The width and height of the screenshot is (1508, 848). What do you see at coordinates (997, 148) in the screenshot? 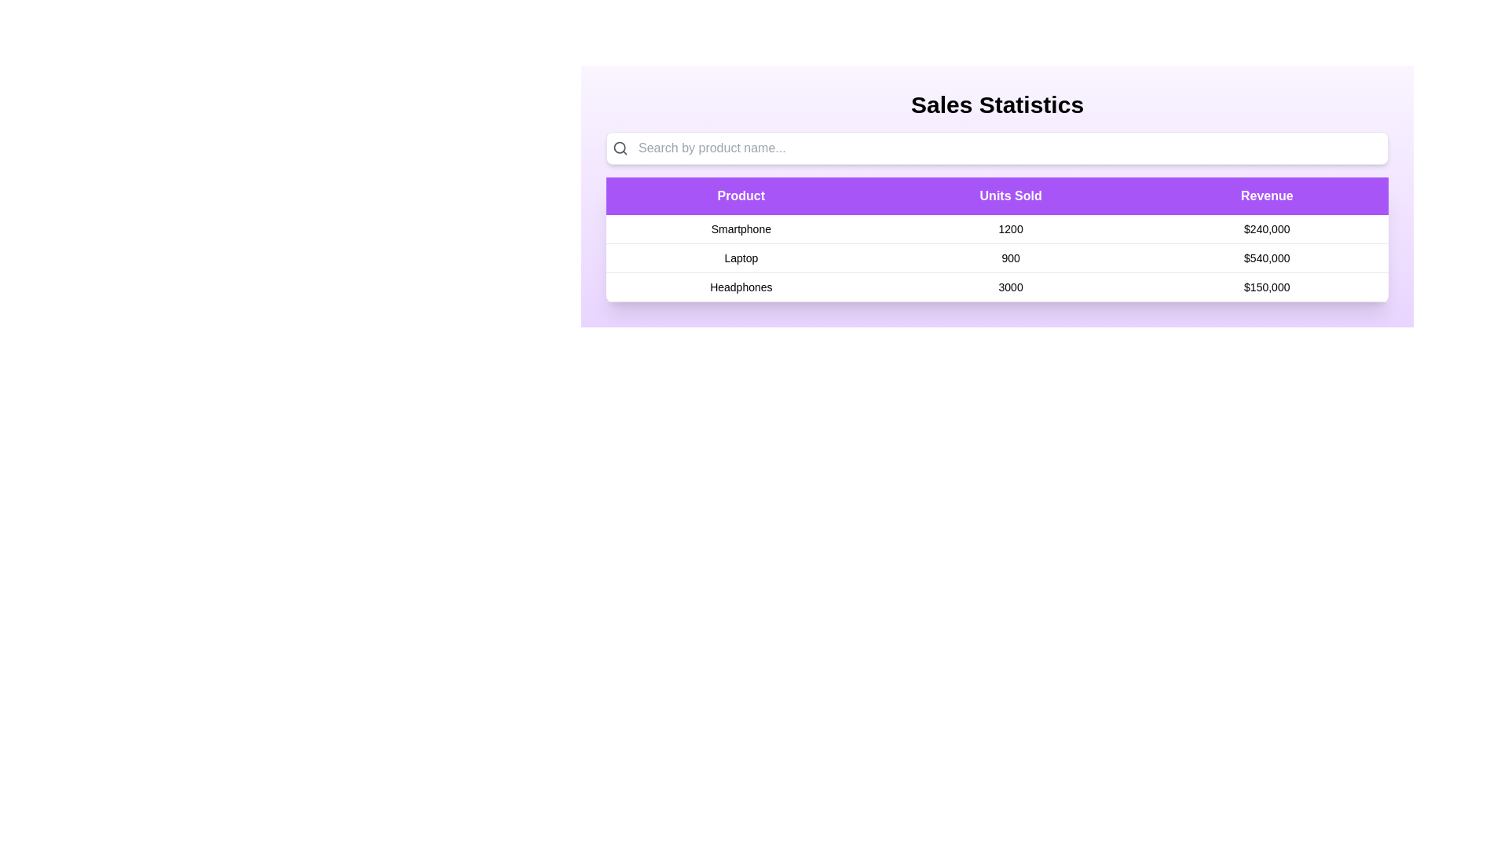
I see `the search bar and clear its content` at bounding box center [997, 148].